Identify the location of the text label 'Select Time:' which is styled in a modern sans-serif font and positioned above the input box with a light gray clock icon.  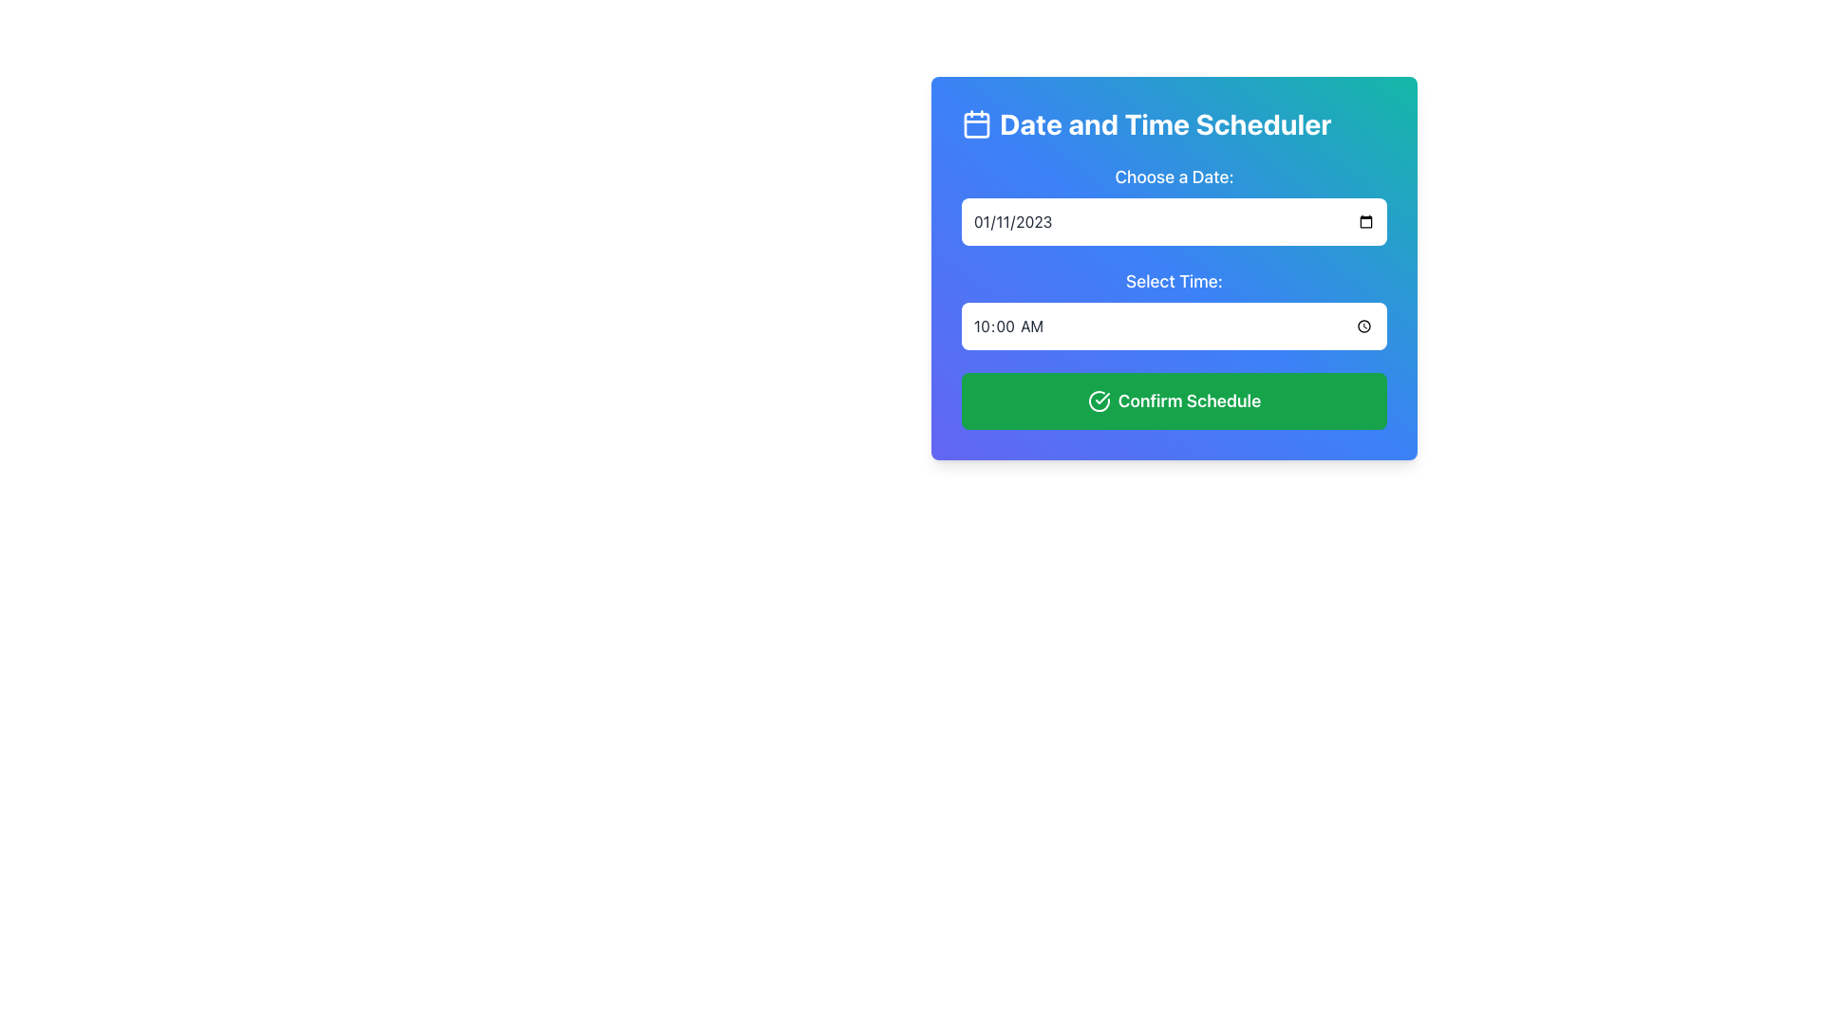
(1174, 308).